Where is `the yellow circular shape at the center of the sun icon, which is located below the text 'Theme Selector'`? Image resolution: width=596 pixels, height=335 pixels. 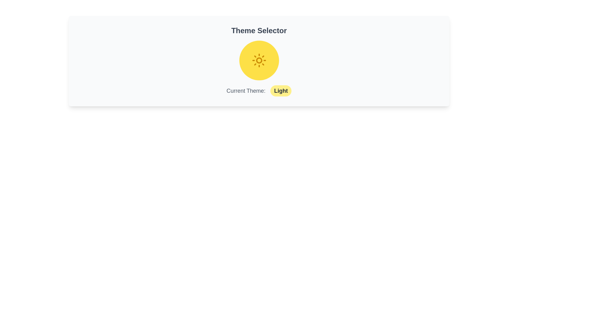
the yellow circular shape at the center of the sun icon, which is located below the text 'Theme Selector' is located at coordinates (259, 60).